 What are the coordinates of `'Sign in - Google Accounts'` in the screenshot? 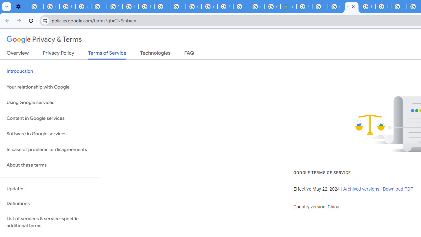 It's located at (320, 7).